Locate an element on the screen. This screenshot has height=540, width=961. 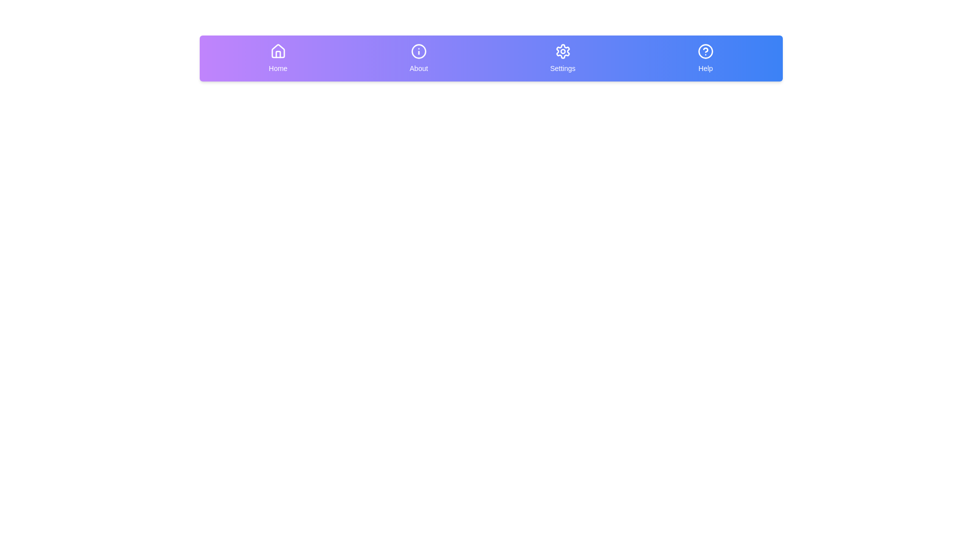
the 'Settings' text label located beneath the gear icon in the navigation menu is located at coordinates (563, 68).